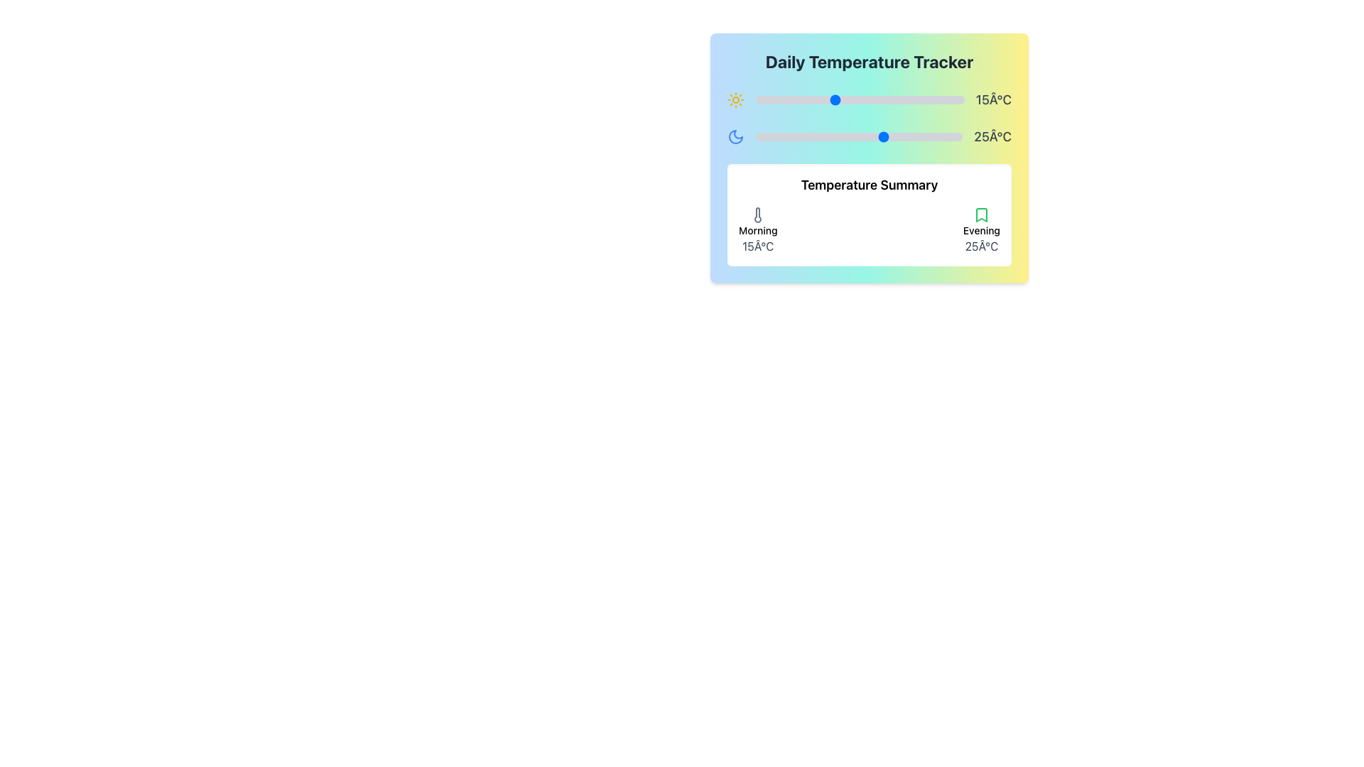 This screenshot has height=767, width=1364. Describe the element at coordinates (981, 246) in the screenshot. I see `the text label displaying '25°C' in dark gray text, located below the 'Evening' label within the 'Temperature Summary' section` at that location.